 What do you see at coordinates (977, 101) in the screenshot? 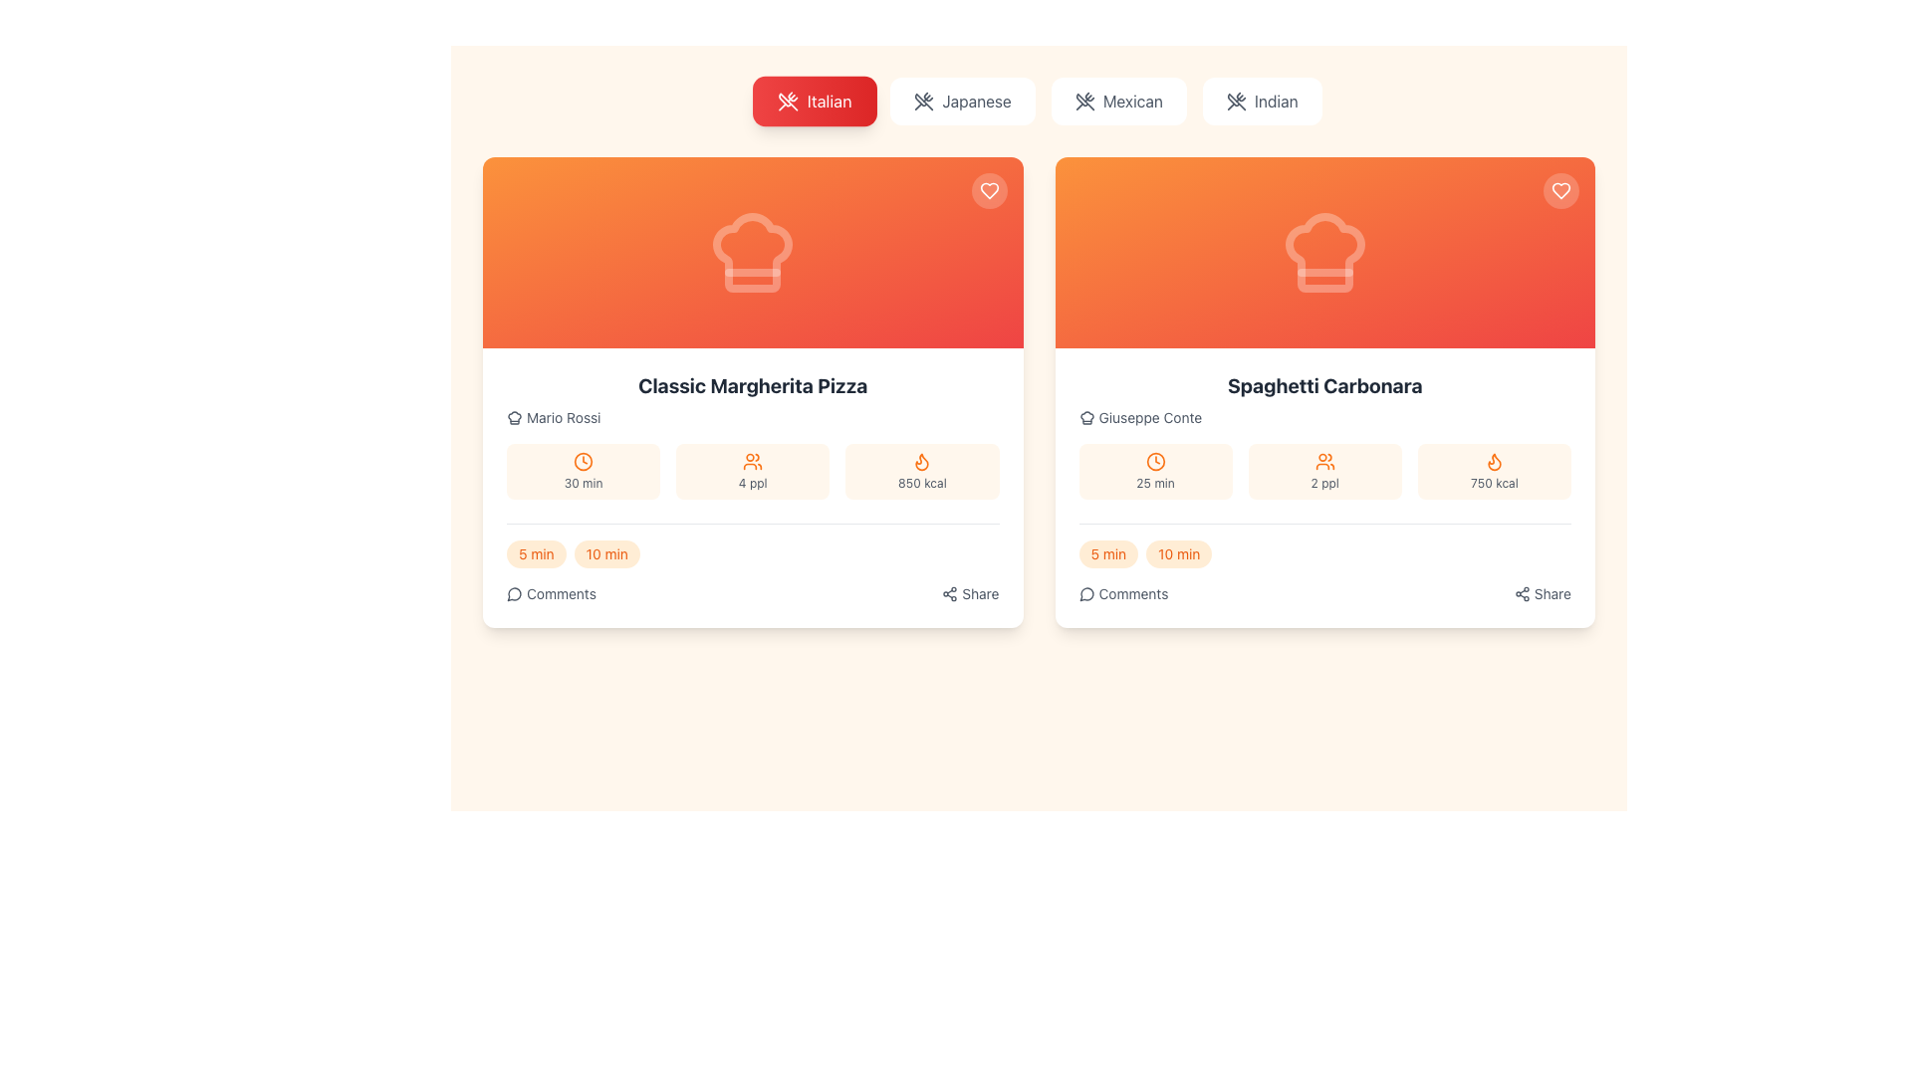
I see `the button containing the text 'Japanese'` at bounding box center [977, 101].